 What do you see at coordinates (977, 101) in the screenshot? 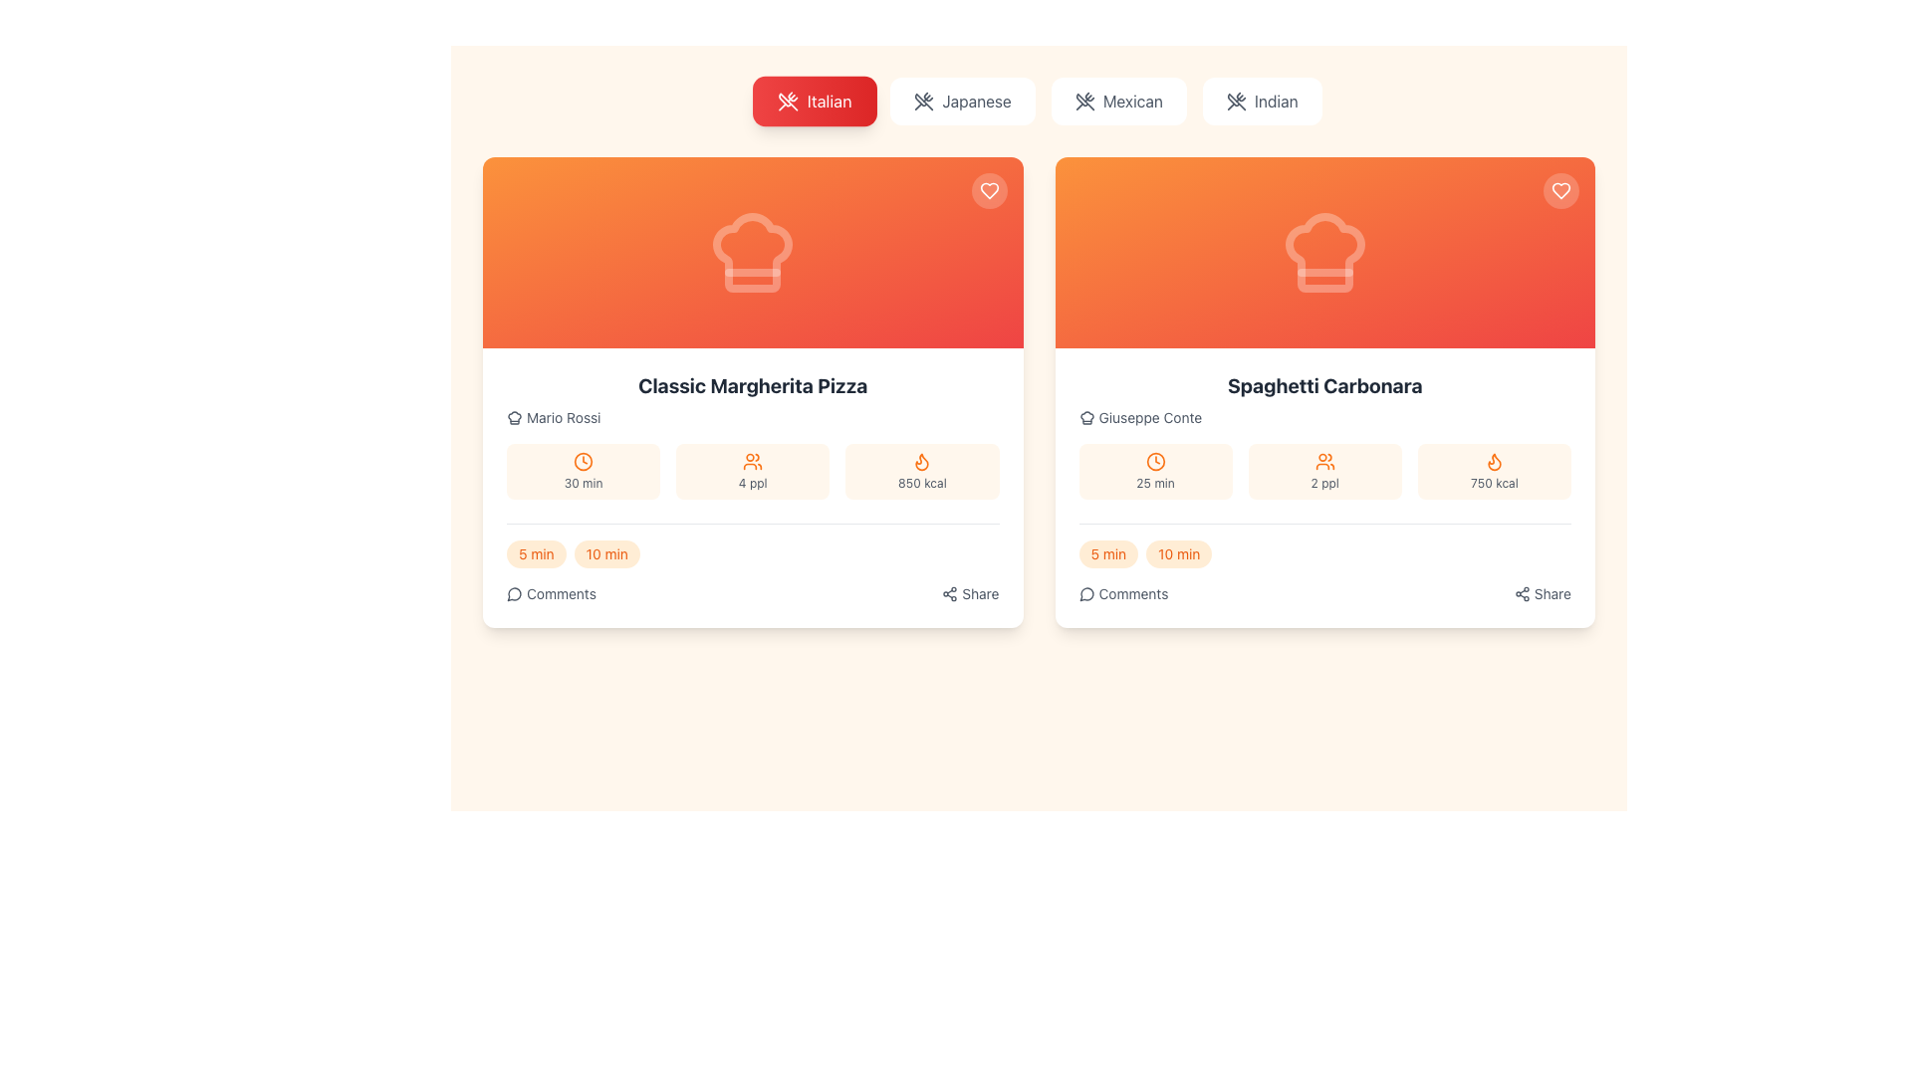
I see `the button containing the text 'Japanese'` at bounding box center [977, 101].